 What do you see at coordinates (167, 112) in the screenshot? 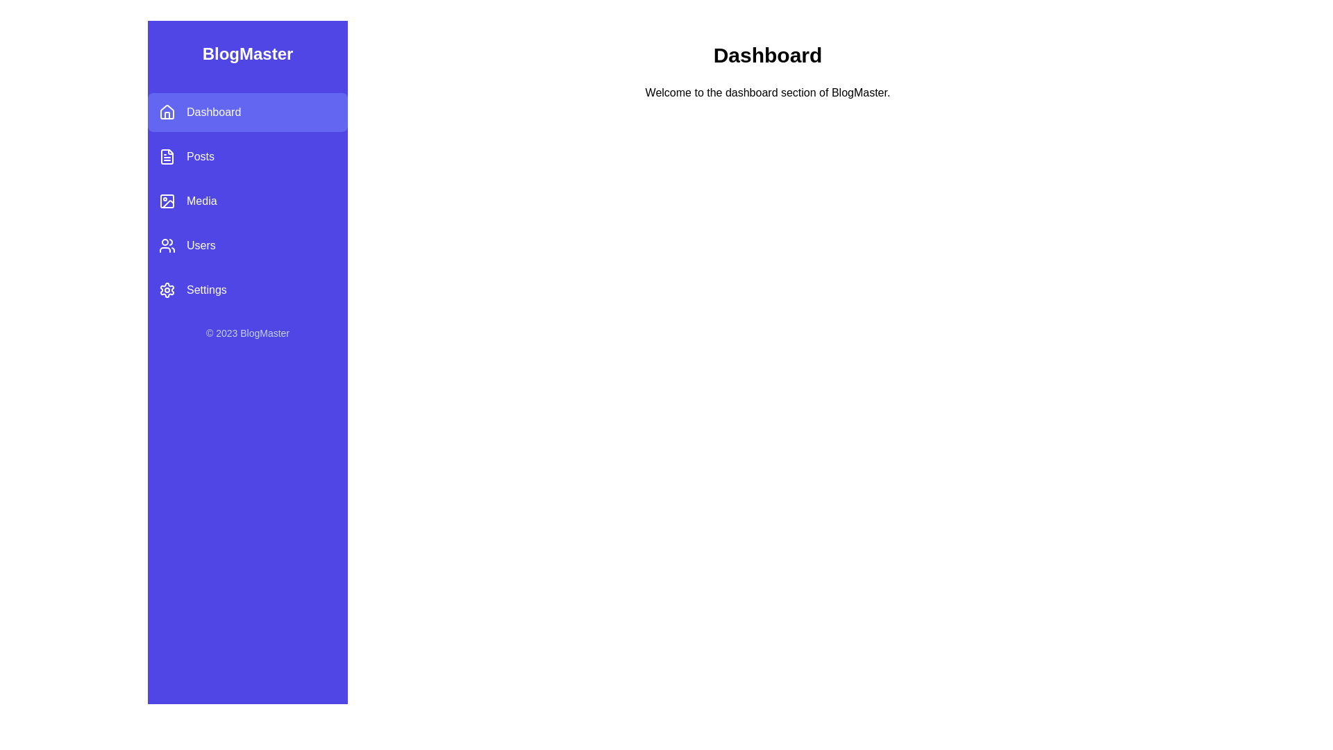
I see `the 'Dashboard' icon, which is a white house-shaped icon located at the top of the vertical navigation menu in the purple-themed sidebar` at bounding box center [167, 112].